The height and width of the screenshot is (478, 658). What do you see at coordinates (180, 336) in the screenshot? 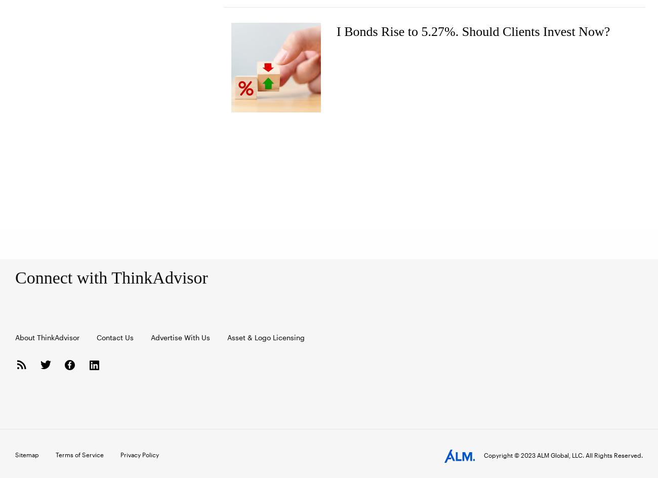
I see `'Advertise With Us'` at bounding box center [180, 336].